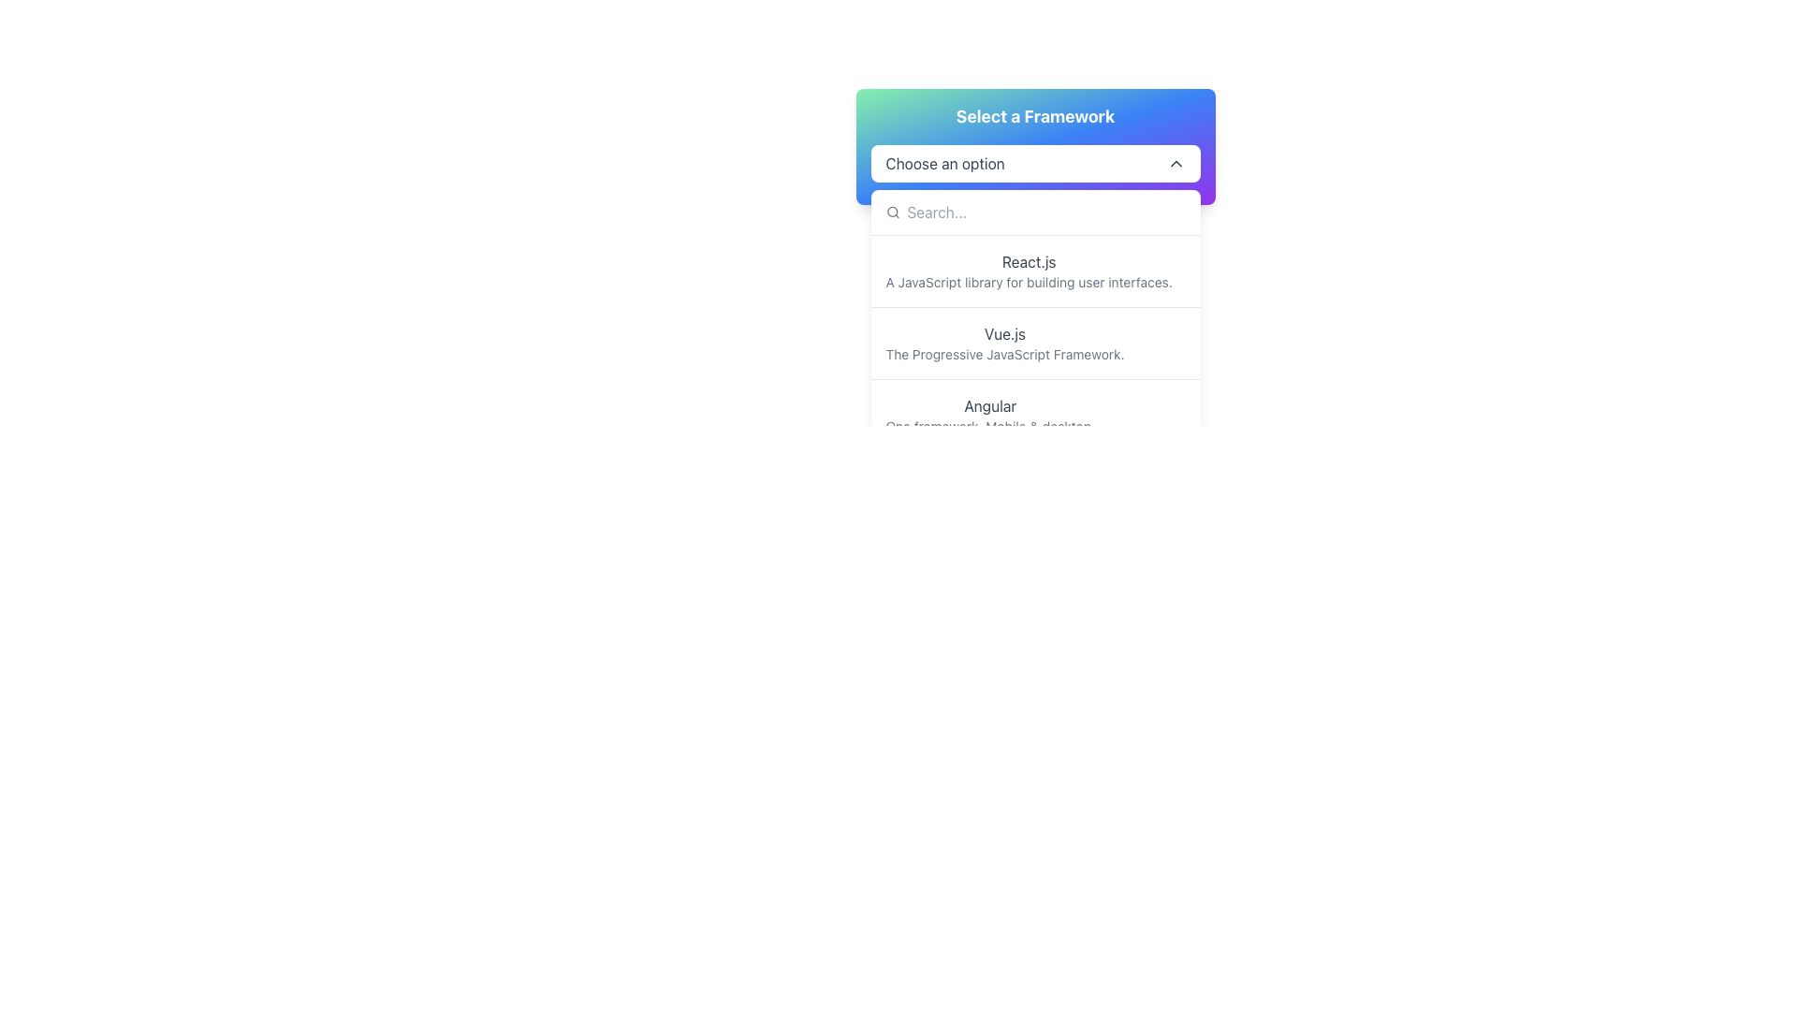 This screenshot has height=1011, width=1797. Describe the element at coordinates (1034, 414) in the screenshot. I see `the third option in the dropdown menu under 'Select a Framework'` at that location.